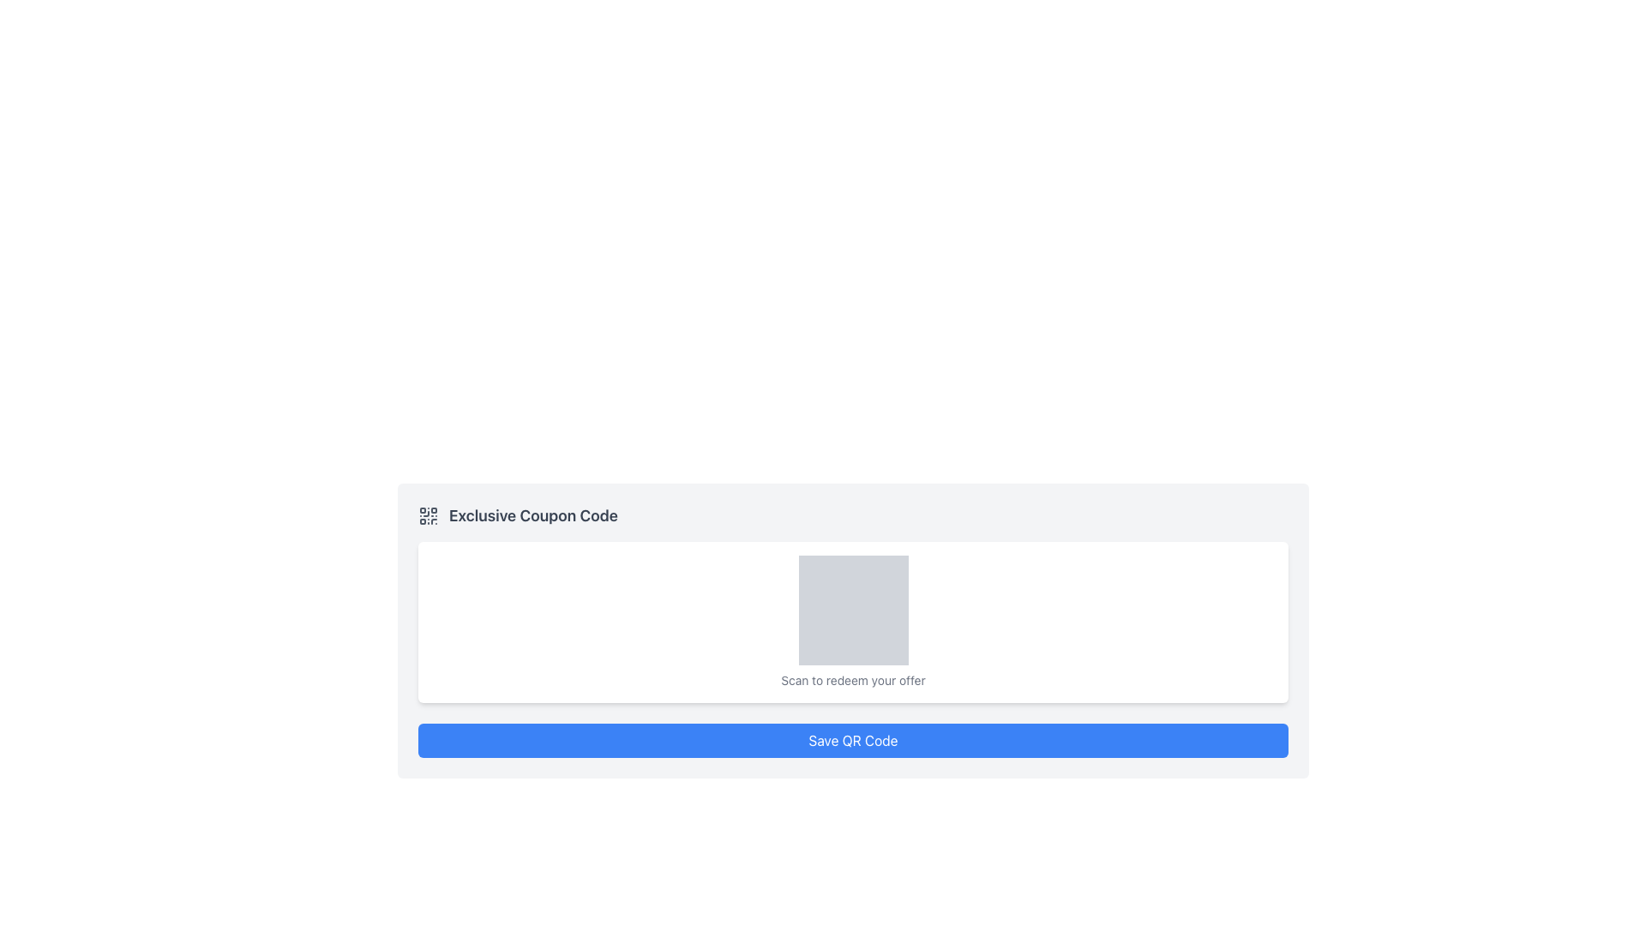  What do you see at coordinates (853, 740) in the screenshot?
I see `the 'Save QR Code' button, which is a prominent blue rectangular button with white text located at the bottom of a card layout` at bounding box center [853, 740].